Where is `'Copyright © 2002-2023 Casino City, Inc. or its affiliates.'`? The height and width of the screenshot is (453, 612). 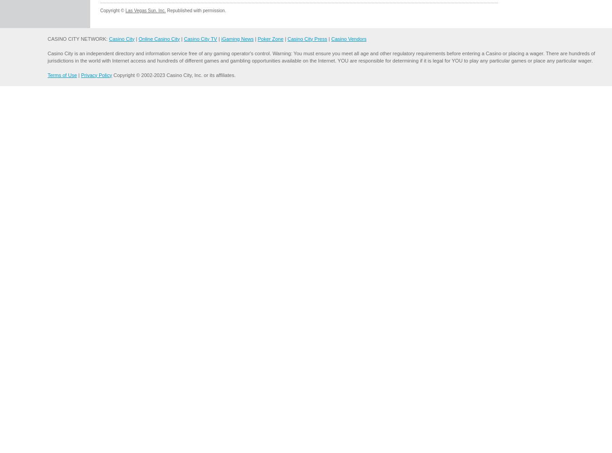 'Copyright © 2002-2023 Casino City, Inc. or its affiliates.' is located at coordinates (112, 75).